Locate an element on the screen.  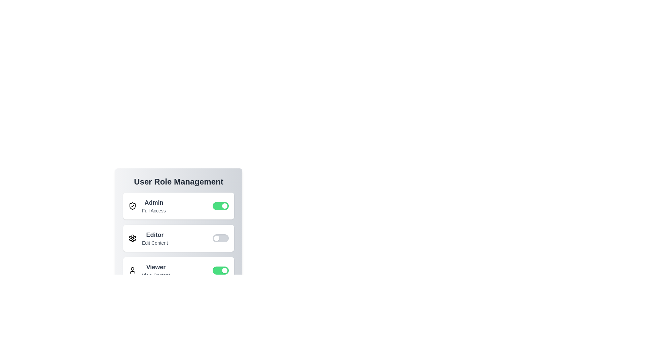
the role container for Viewer to focus on it is located at coordinates (179, 270).